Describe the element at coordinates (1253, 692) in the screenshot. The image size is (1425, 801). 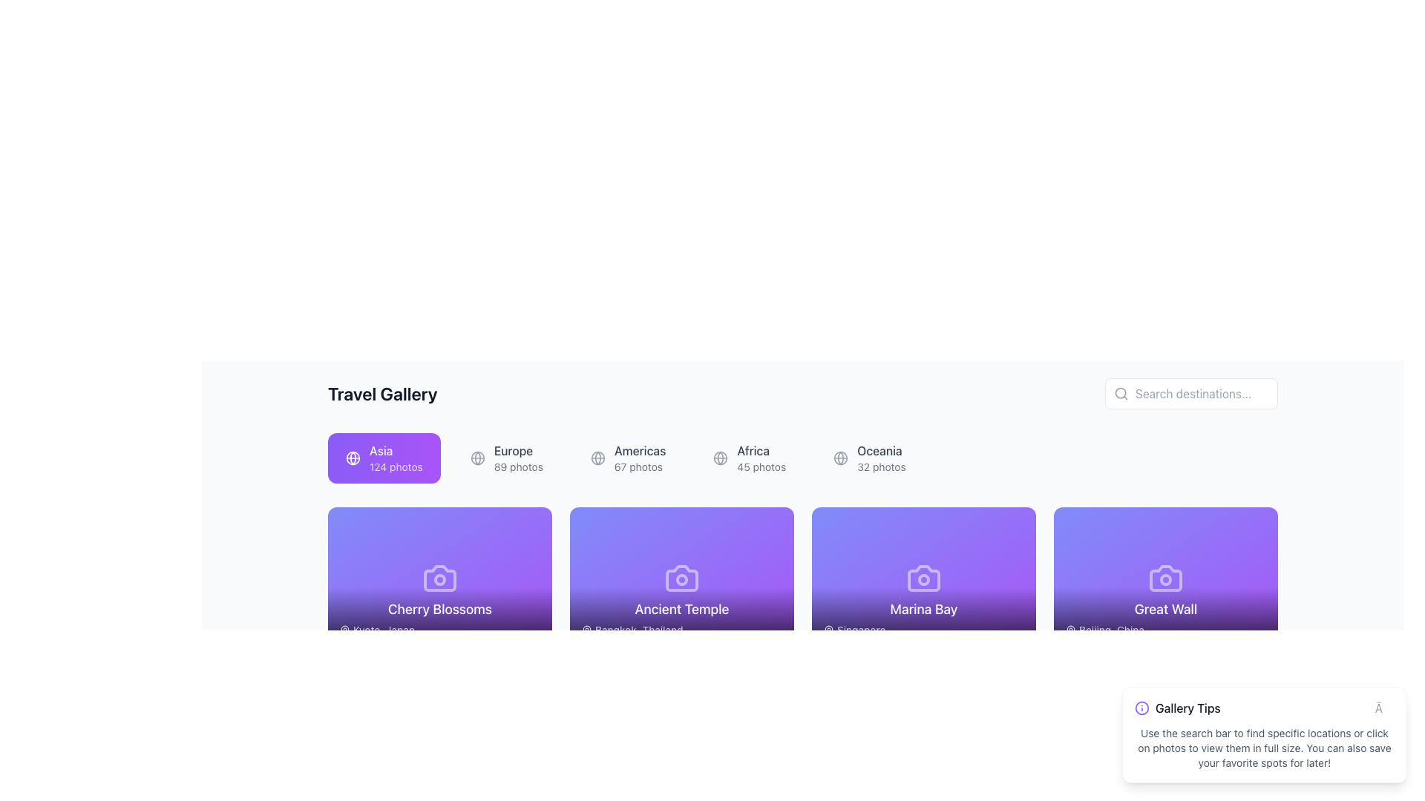
I see `the third button in the upper-right corner of the tips section card` at that location.